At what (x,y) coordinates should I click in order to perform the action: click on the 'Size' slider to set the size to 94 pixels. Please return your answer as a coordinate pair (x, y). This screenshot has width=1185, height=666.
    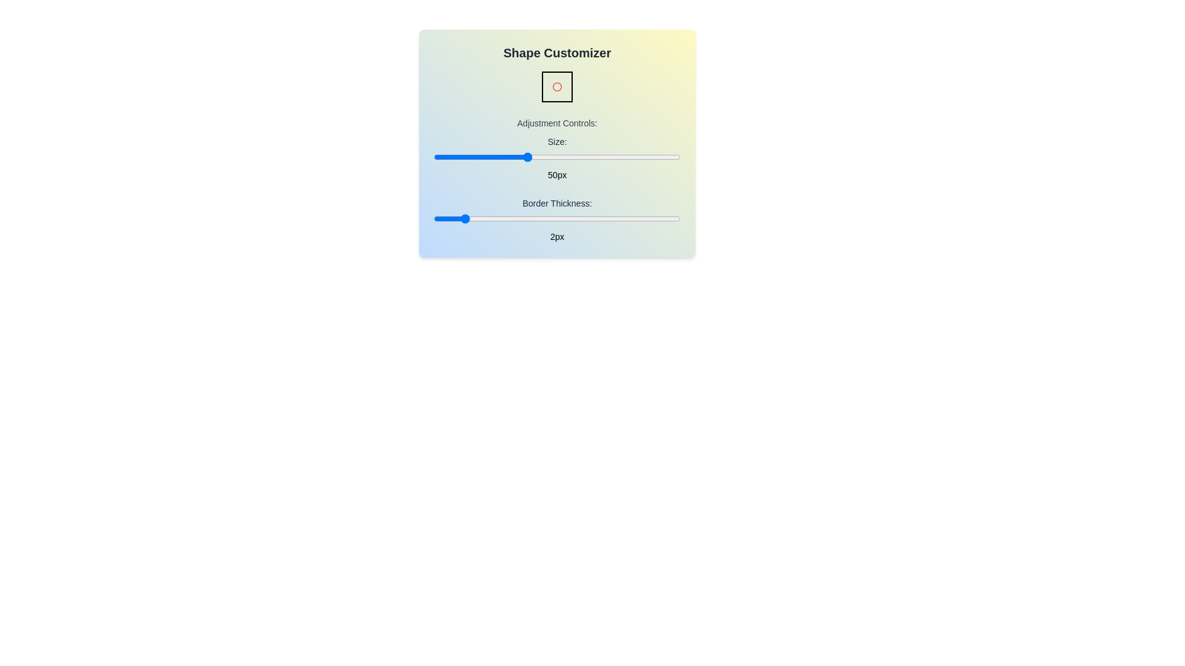
    Looking at the image, I should click on (662, 156).